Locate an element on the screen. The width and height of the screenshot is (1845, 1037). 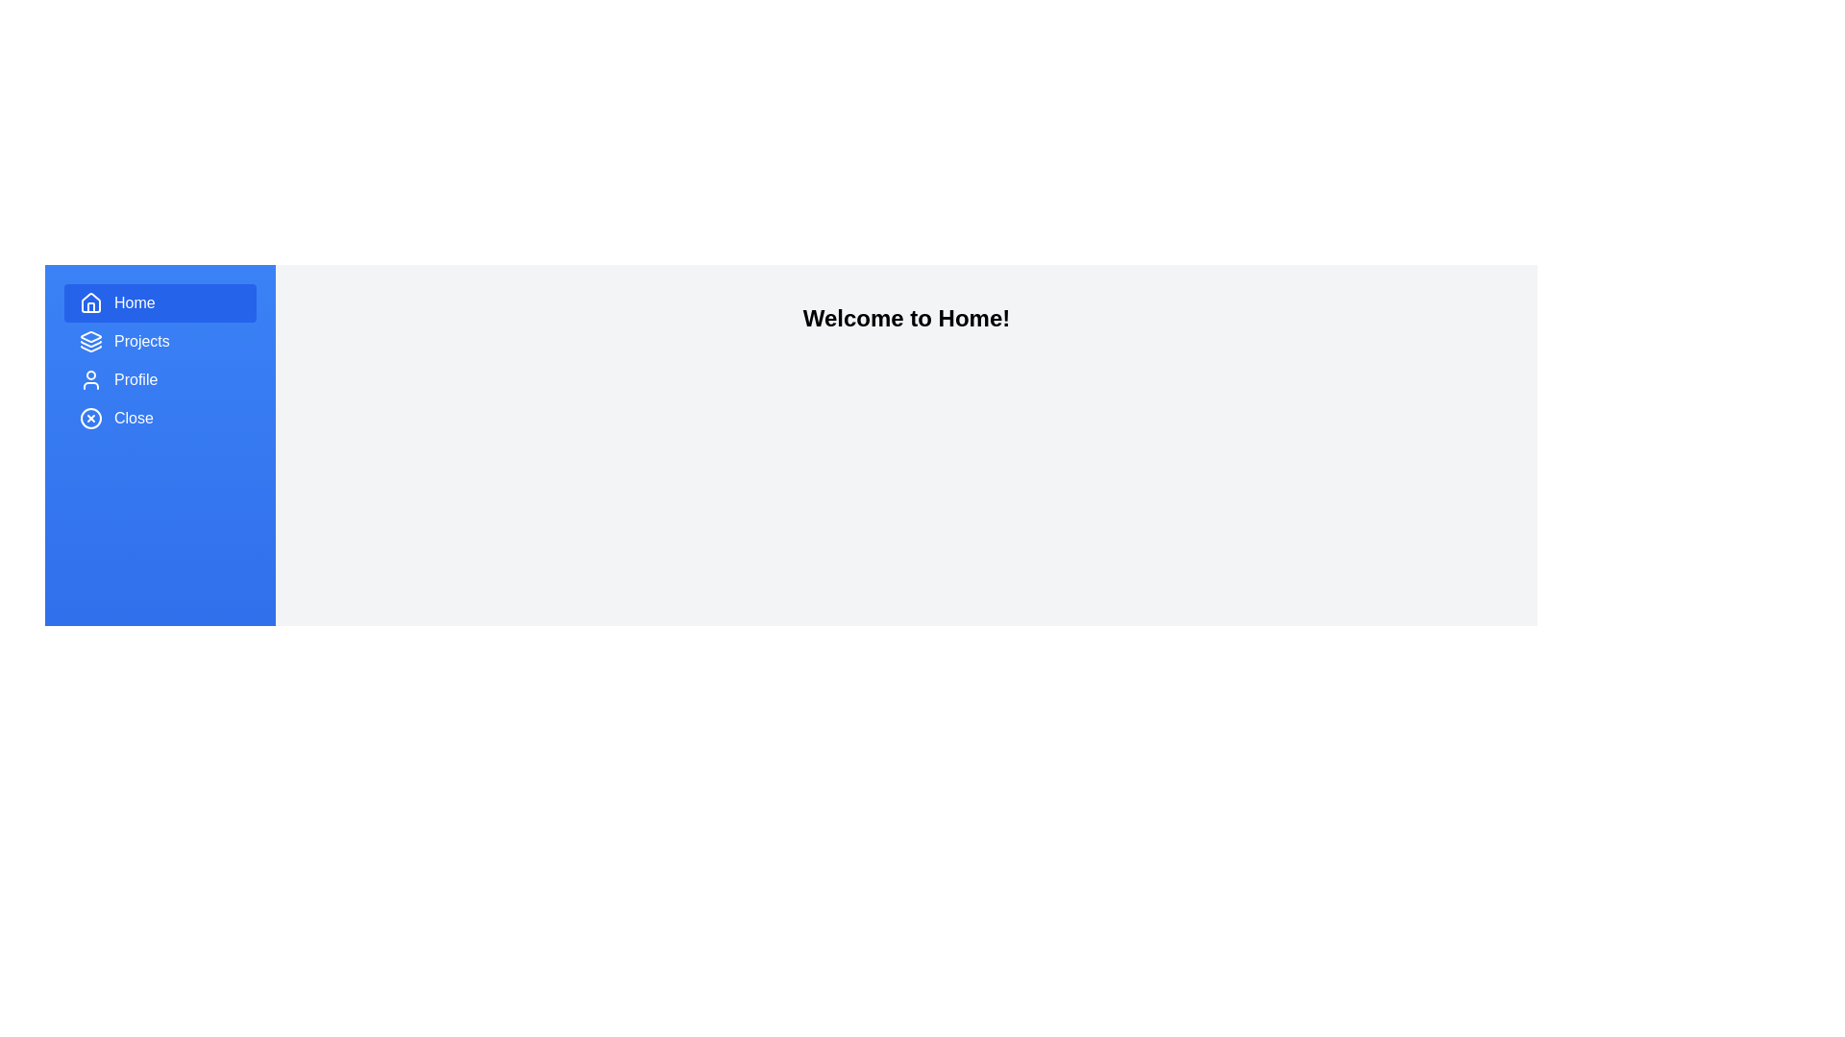
the tab Projects from the navigation drawer is located at coordinates (160, 340).